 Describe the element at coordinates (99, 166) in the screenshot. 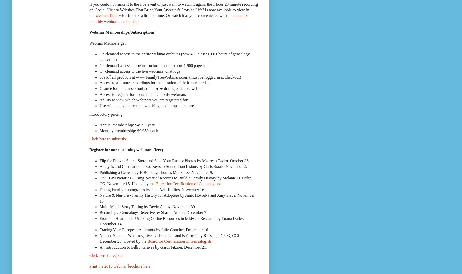

I see `'Analysis and Correlation - Two Keys to Sound Conclusions by Chris Staats. November 2.'` at that location.